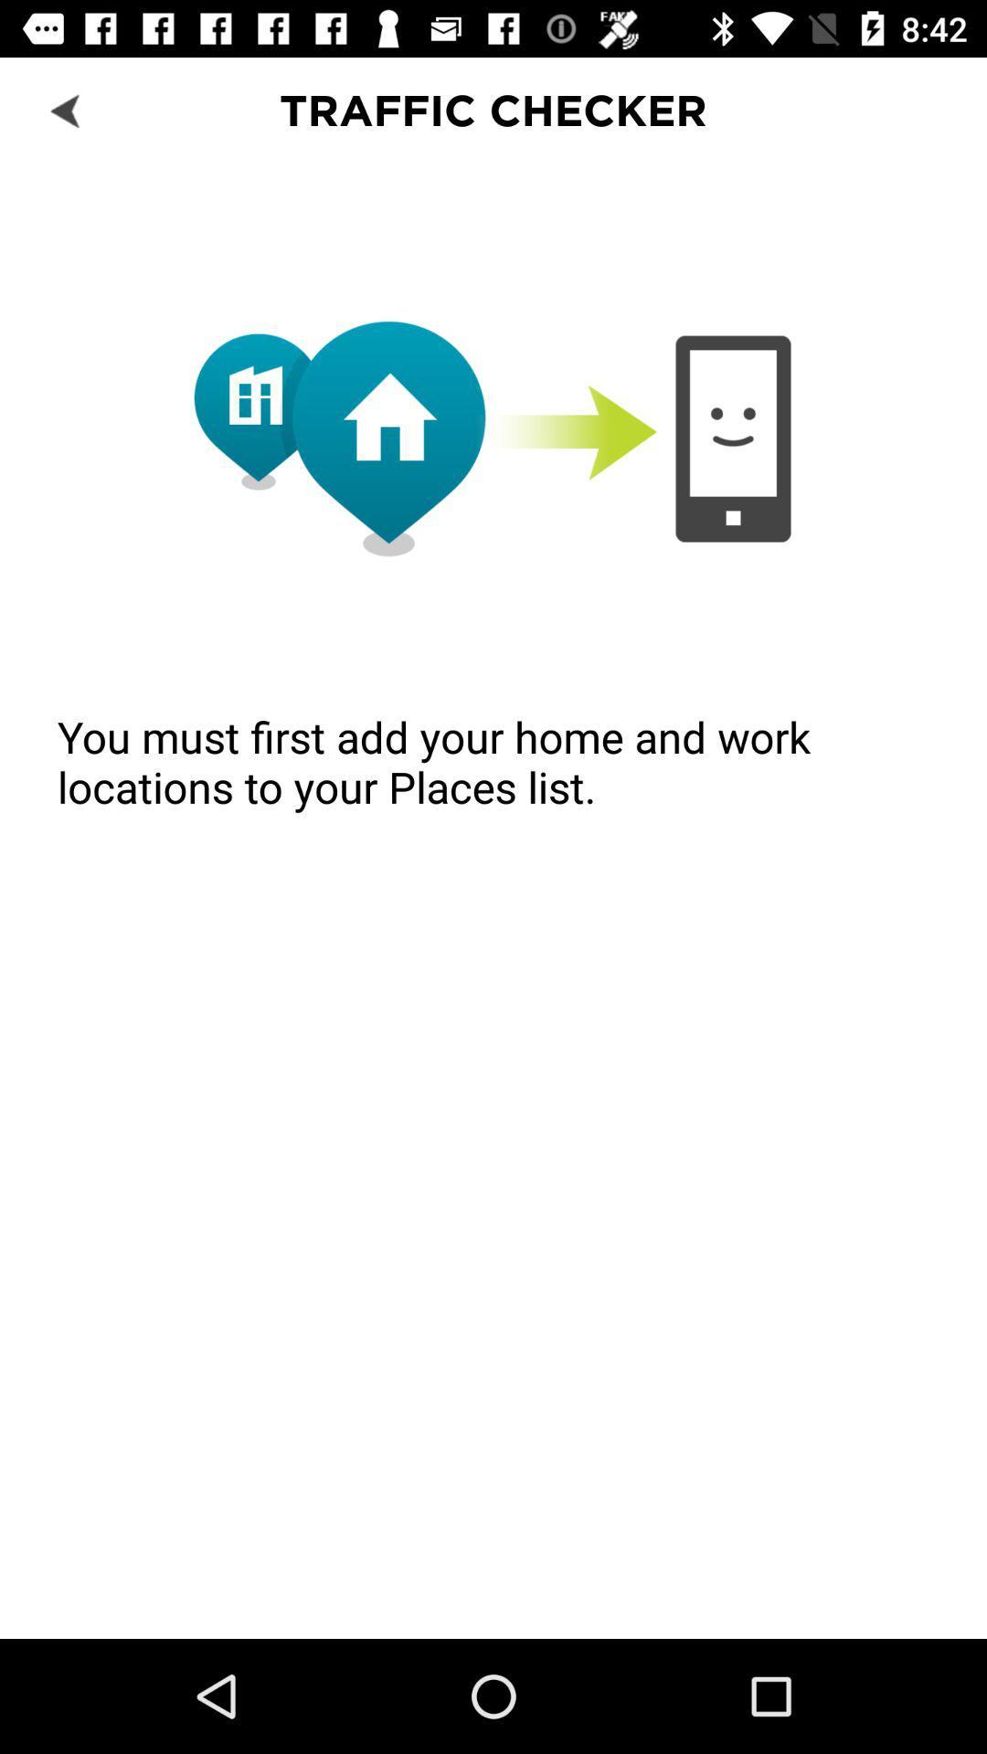 The width and height of the screenshot is (987, 1754). I want to click on go back, so click(66, 109).